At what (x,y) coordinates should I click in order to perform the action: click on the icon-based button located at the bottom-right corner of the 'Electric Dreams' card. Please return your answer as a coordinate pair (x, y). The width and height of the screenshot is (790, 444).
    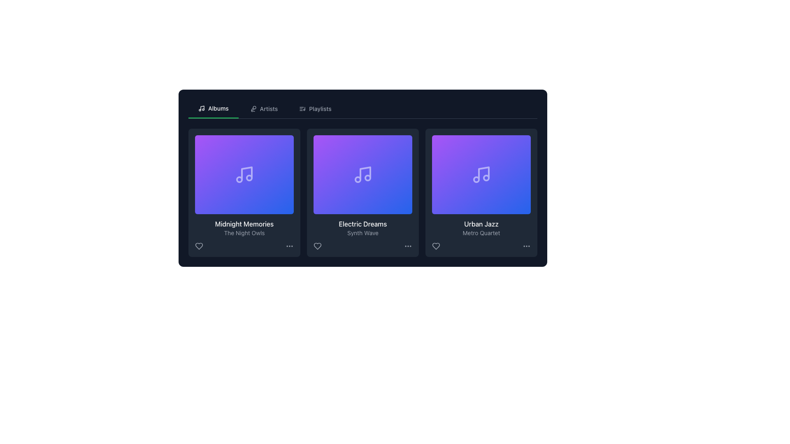
    Looking at the image, I should click on (408, 245).